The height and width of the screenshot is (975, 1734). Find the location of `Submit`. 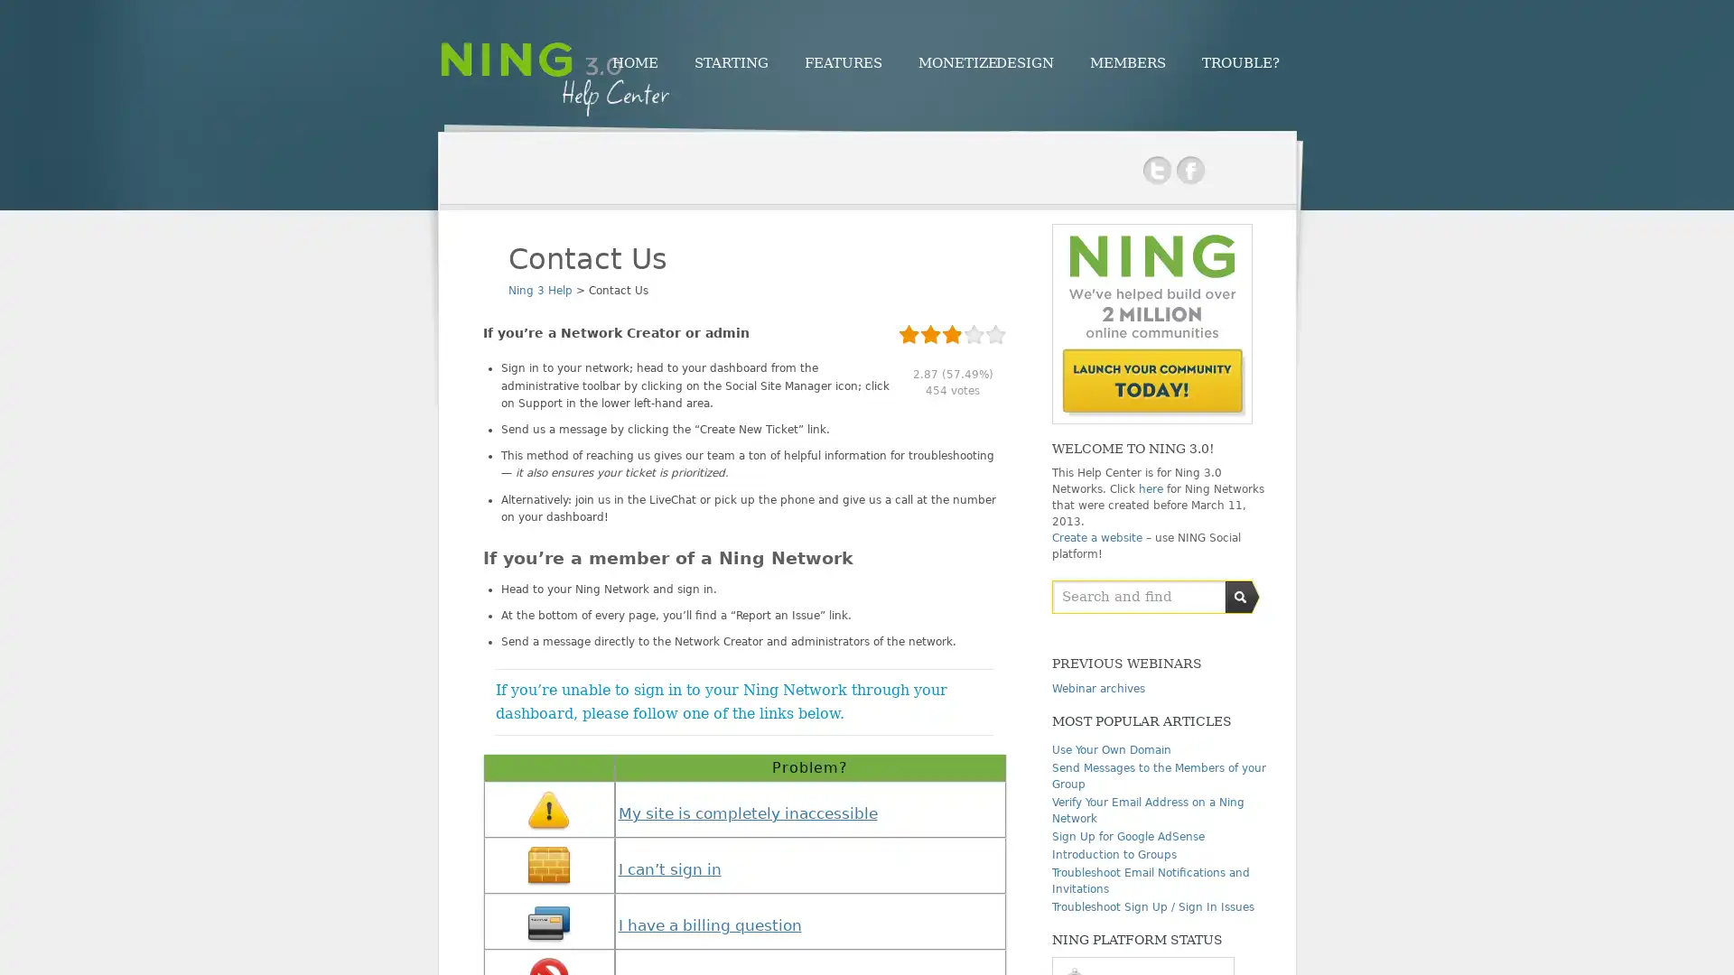

Submit is located at coordinates (1244, 600).